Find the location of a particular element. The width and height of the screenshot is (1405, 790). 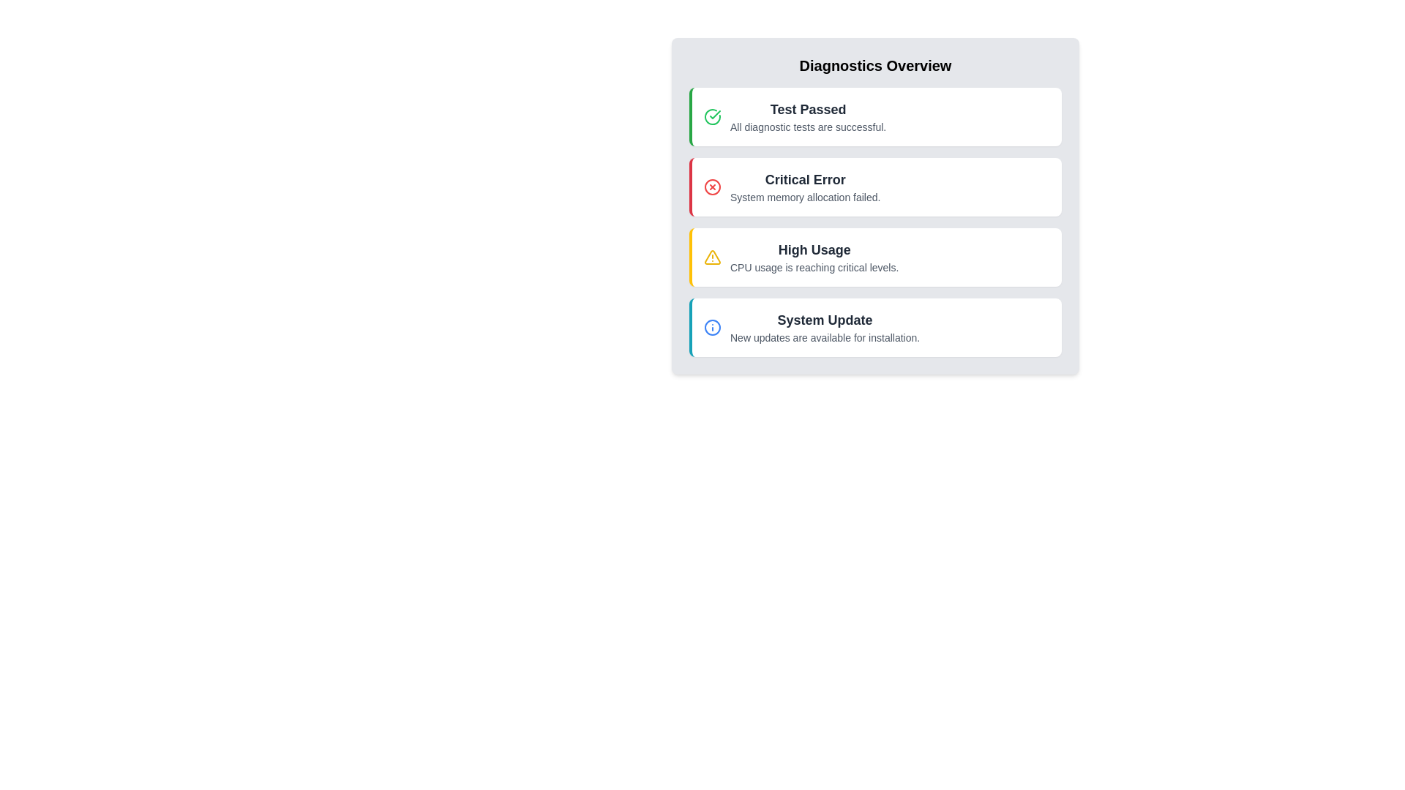

the yellow equilateral triangle warning icon next to the 'High Usage' label in the diagnostics overview panel is located at coordinates (713, 256).